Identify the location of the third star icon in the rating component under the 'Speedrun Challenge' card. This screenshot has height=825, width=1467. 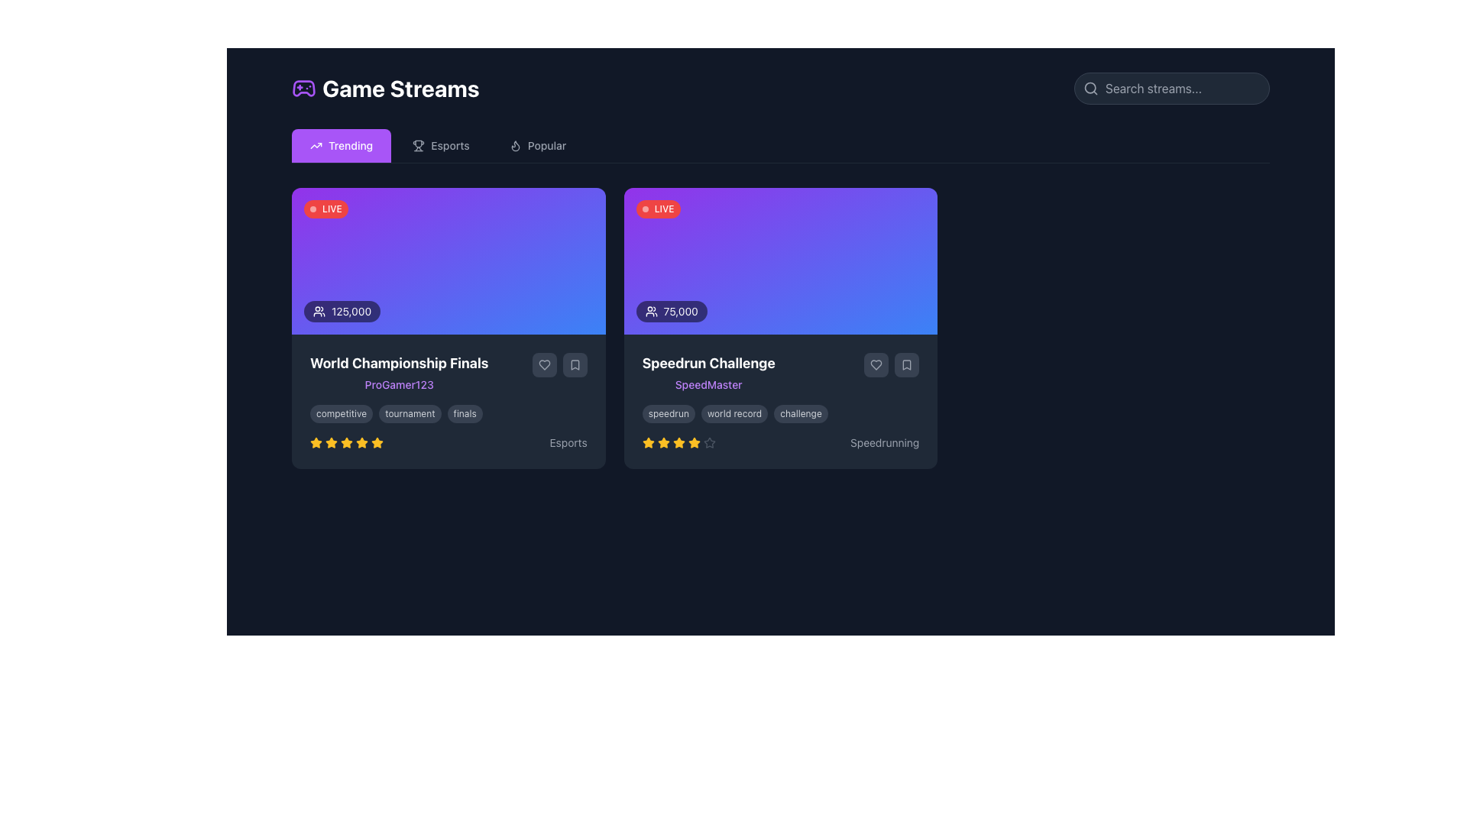
(663, 442).